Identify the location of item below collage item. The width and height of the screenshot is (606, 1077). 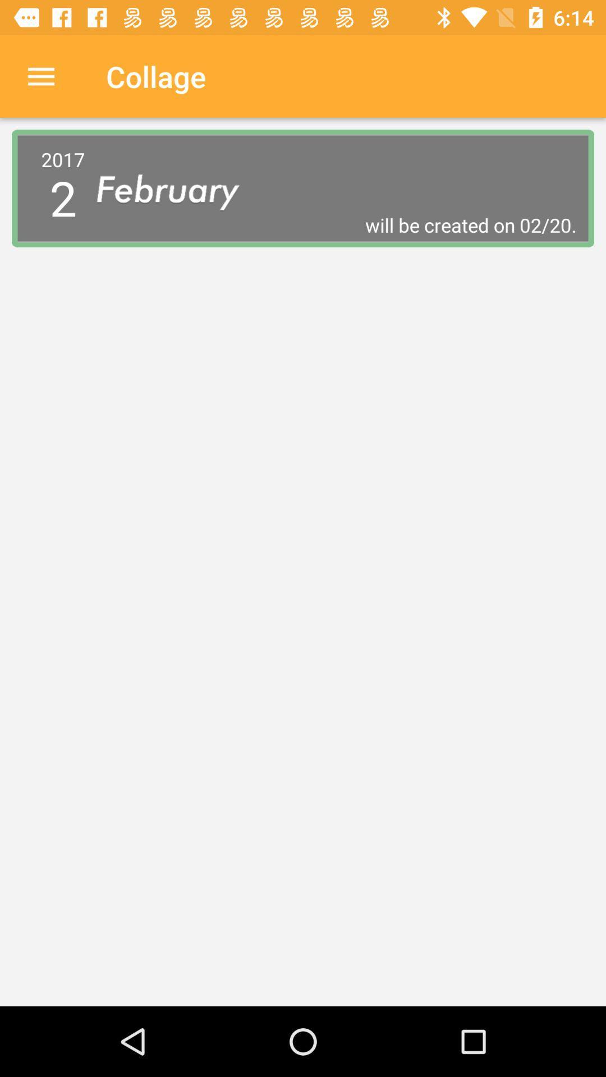
(177, 188).